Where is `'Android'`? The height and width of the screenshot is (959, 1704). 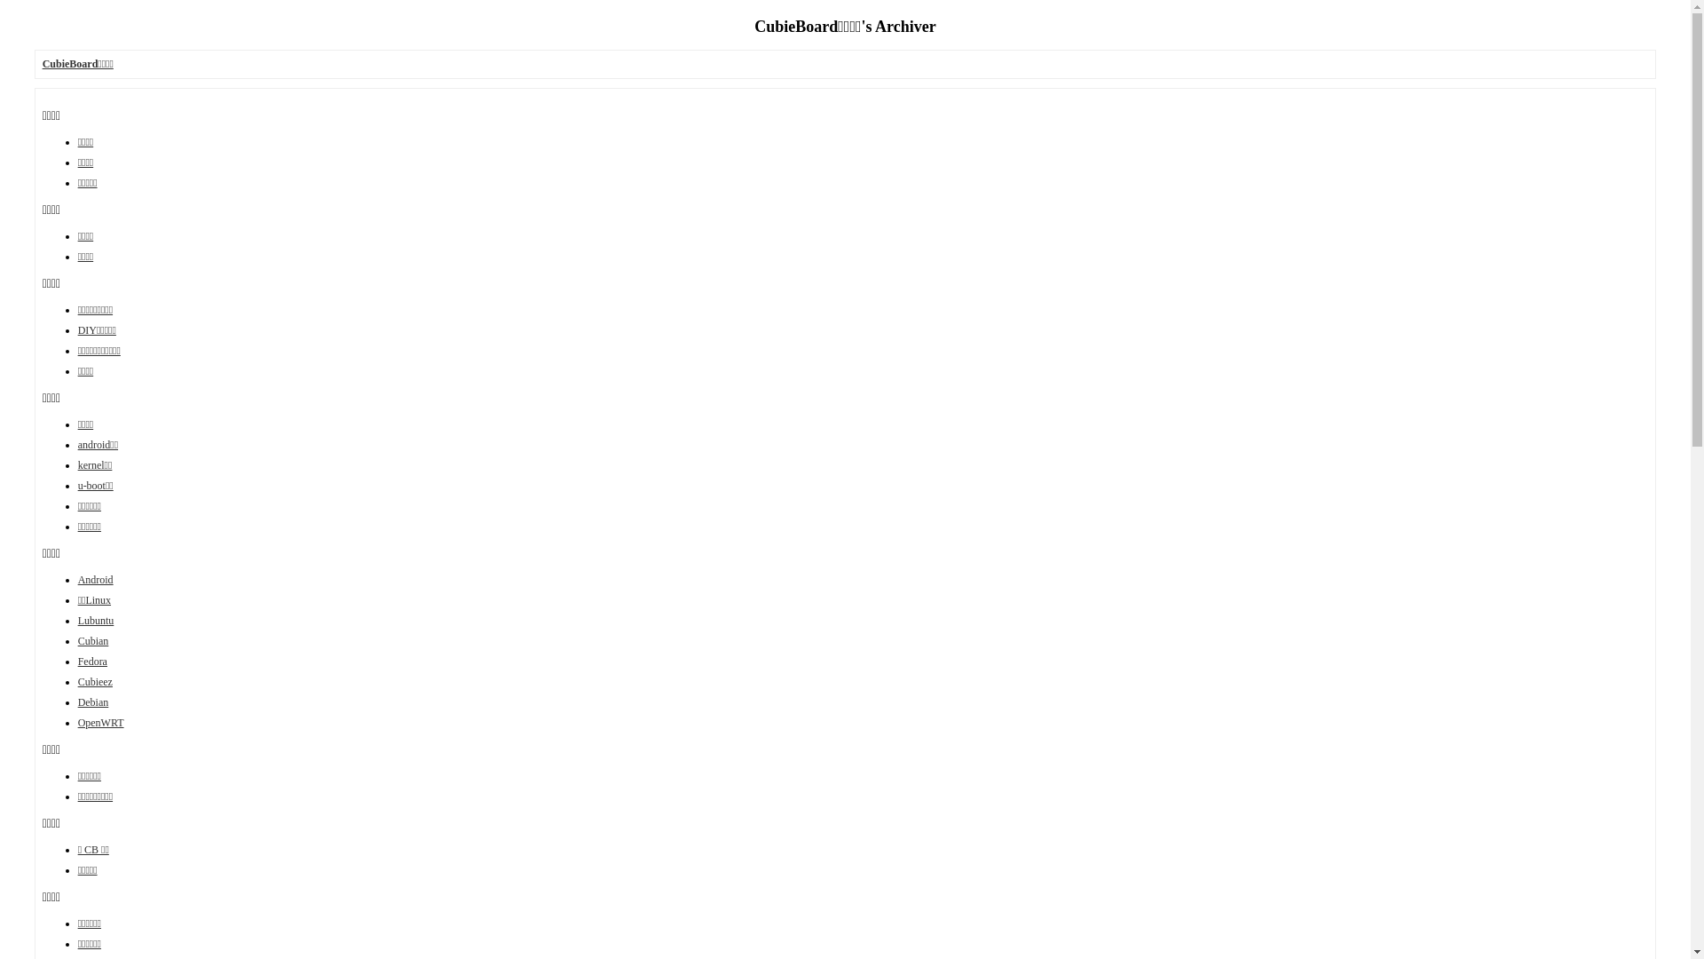
'Android' is located at coordinates (94, 579).